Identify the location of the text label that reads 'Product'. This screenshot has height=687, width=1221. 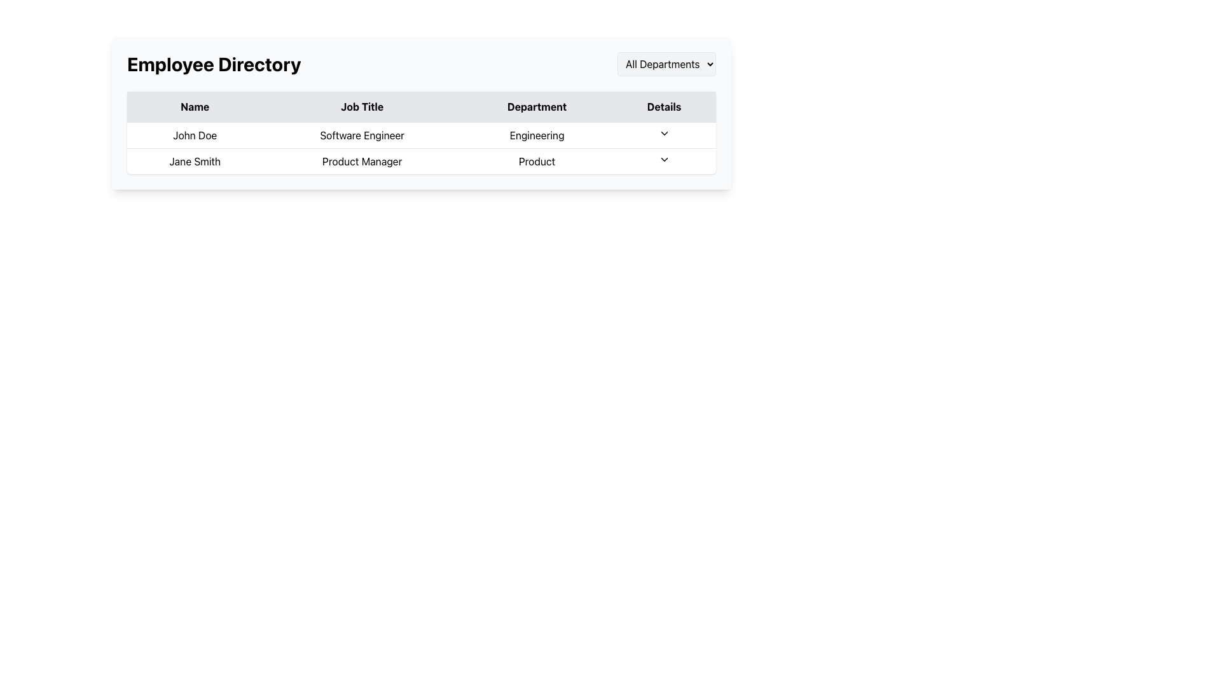
(537, 160).